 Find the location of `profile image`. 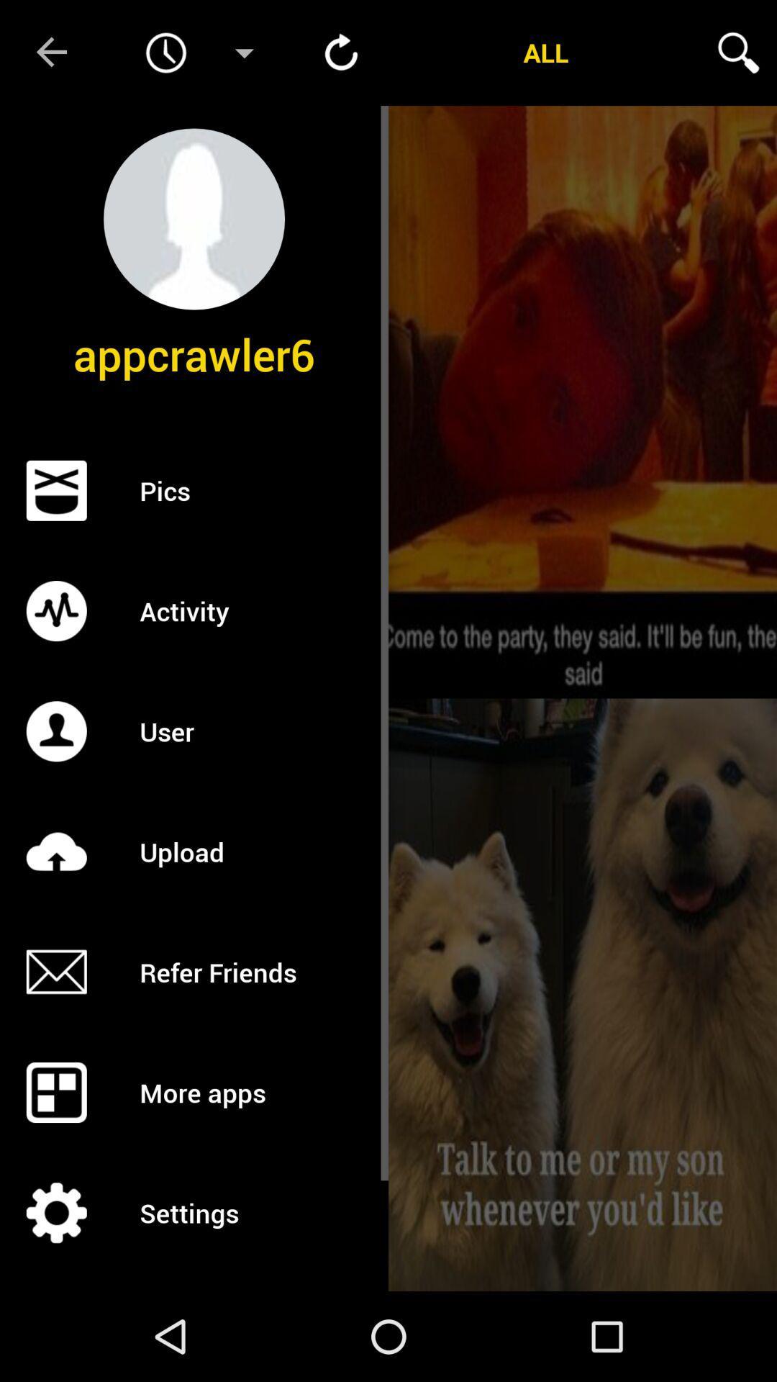

profile image is located at coordinates (194, 218).